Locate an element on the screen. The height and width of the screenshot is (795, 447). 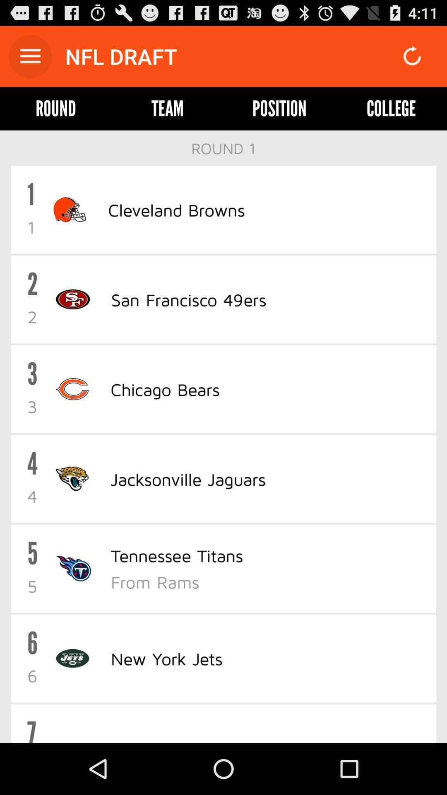
the item above the tennessee titans icon is located at coordinates (188, 479).